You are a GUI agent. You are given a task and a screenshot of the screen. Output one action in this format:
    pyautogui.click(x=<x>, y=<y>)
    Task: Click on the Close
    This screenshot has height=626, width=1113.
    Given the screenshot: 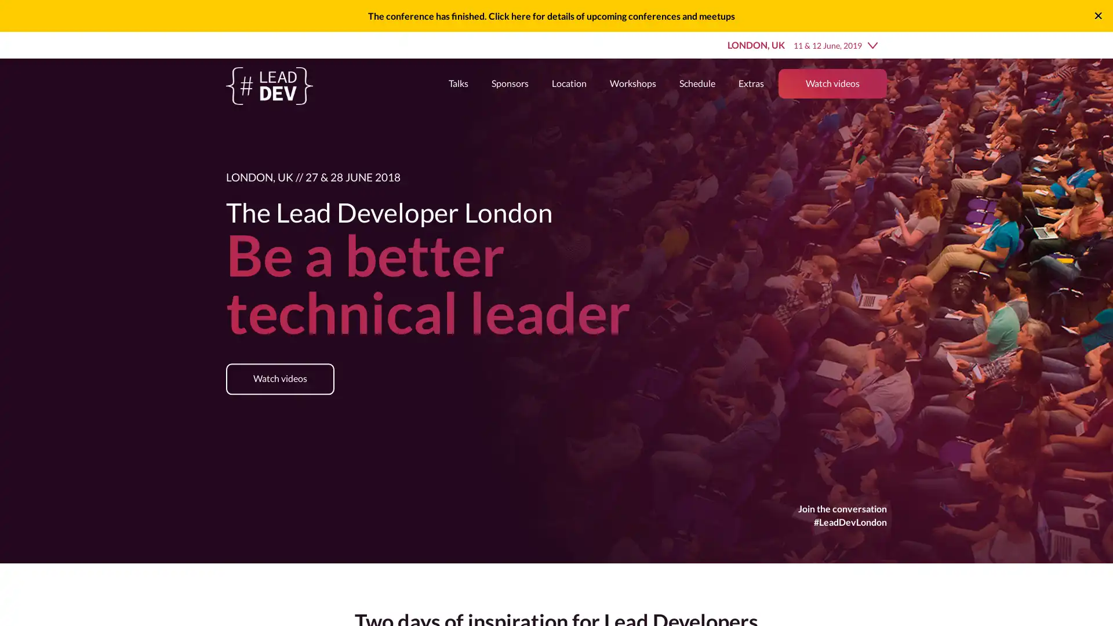 What is the action you would take?
    pyautogui.click(x=1097, y=15)
    